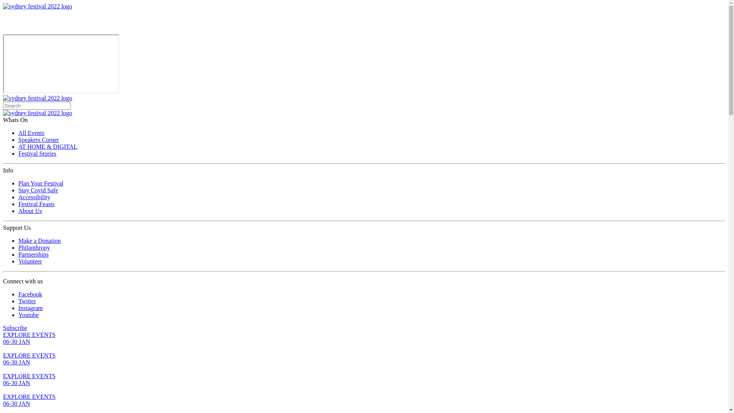 The height and width of the screenshot is (413, 734). What do you see at coordinates (30, 211) in the screenshot?
I see `'About Us'` at bounding box center [30, 211].